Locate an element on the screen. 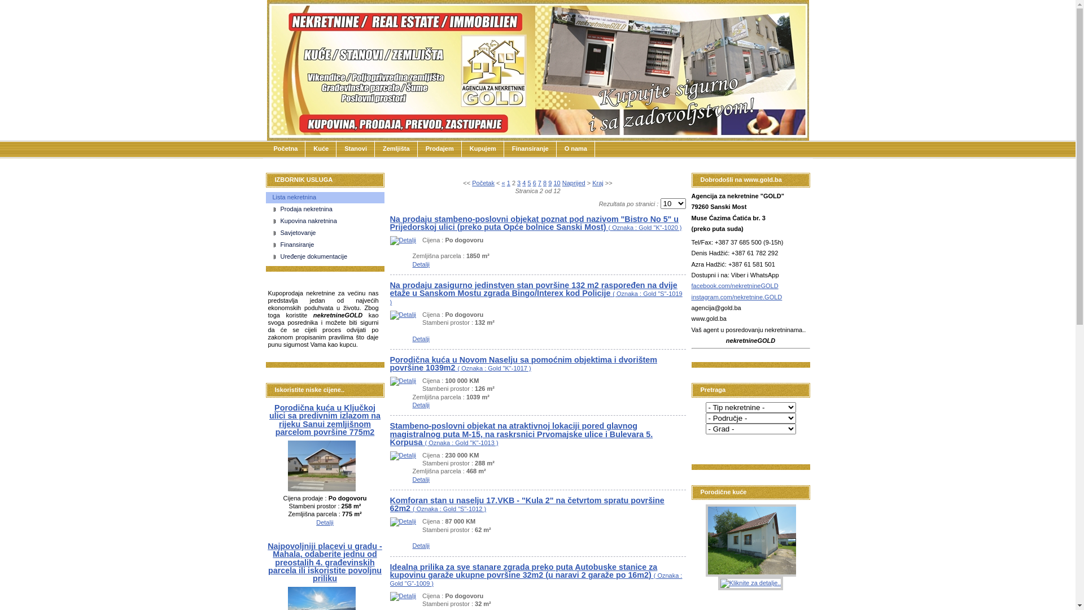  '9' is located at coordinates (550, 182).